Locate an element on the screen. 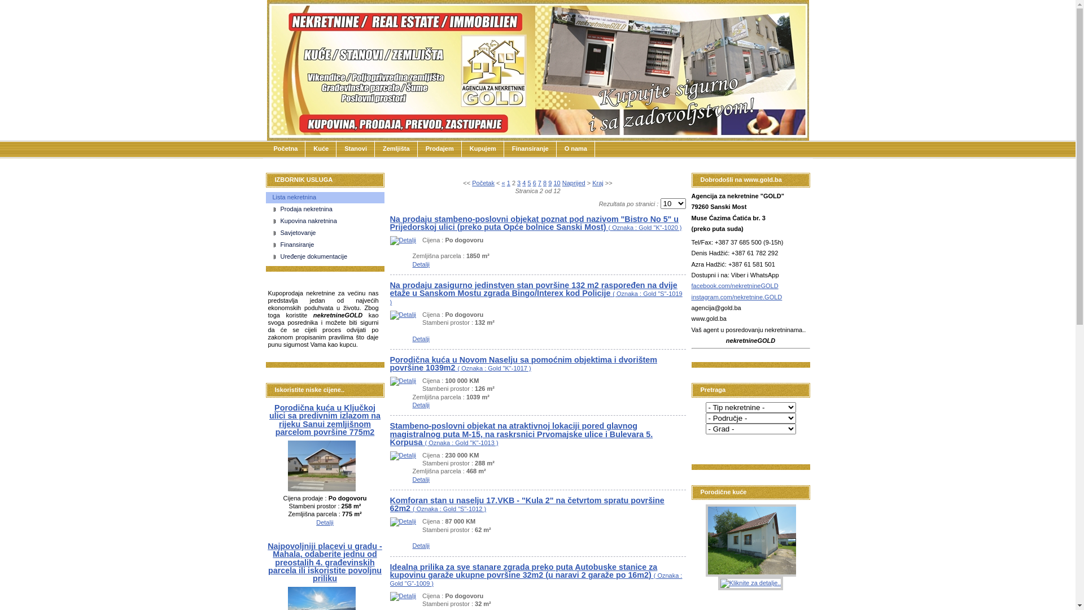  '9' is located at coordinates (550, 182).